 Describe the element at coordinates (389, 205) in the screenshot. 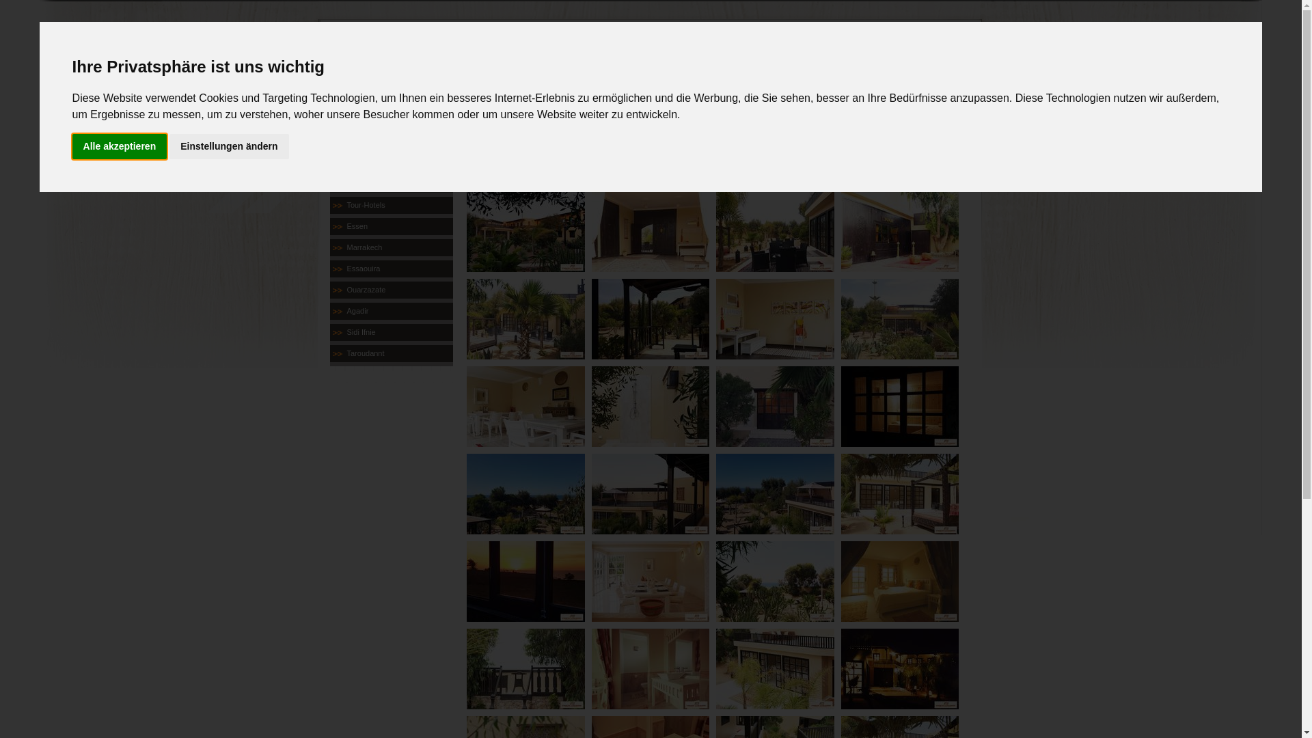

I see `'Tour-Hotels'` at that location.